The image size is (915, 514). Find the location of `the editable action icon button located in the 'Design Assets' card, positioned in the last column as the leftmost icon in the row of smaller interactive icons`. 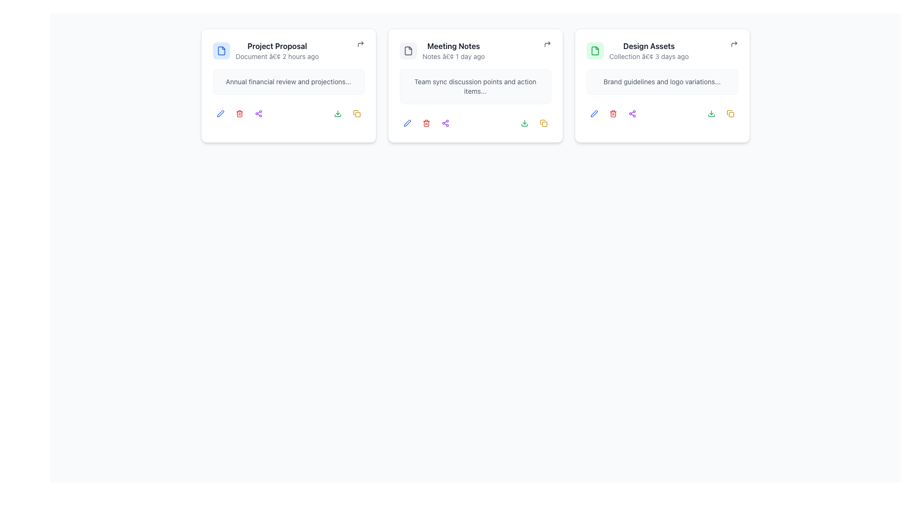

the editable action icon button located in the 'Design Assets' card, positioned in the last column as the leftmost icon in the row of smaller interactive icons is located at coordinates (593, 113).